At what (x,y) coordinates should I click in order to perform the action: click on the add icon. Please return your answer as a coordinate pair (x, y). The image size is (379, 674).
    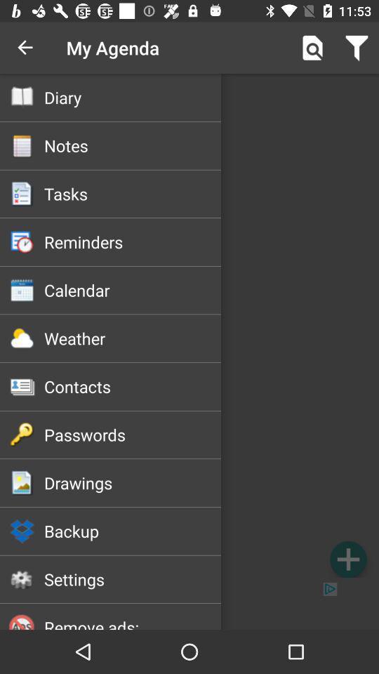
    Looking at the image, I should click on (347, 559).